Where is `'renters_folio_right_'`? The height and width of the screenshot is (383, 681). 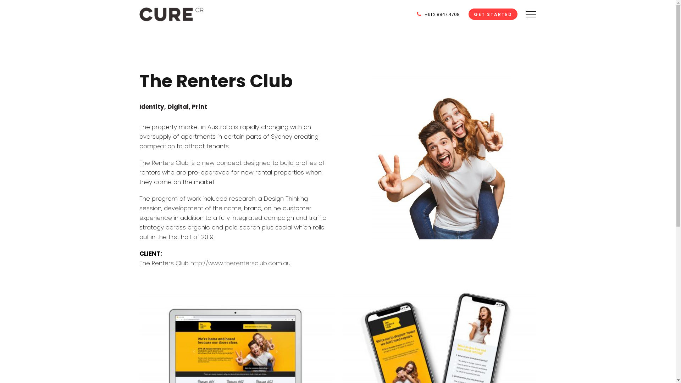
'renters_folio_right_' is located at coordinates (441, 155).